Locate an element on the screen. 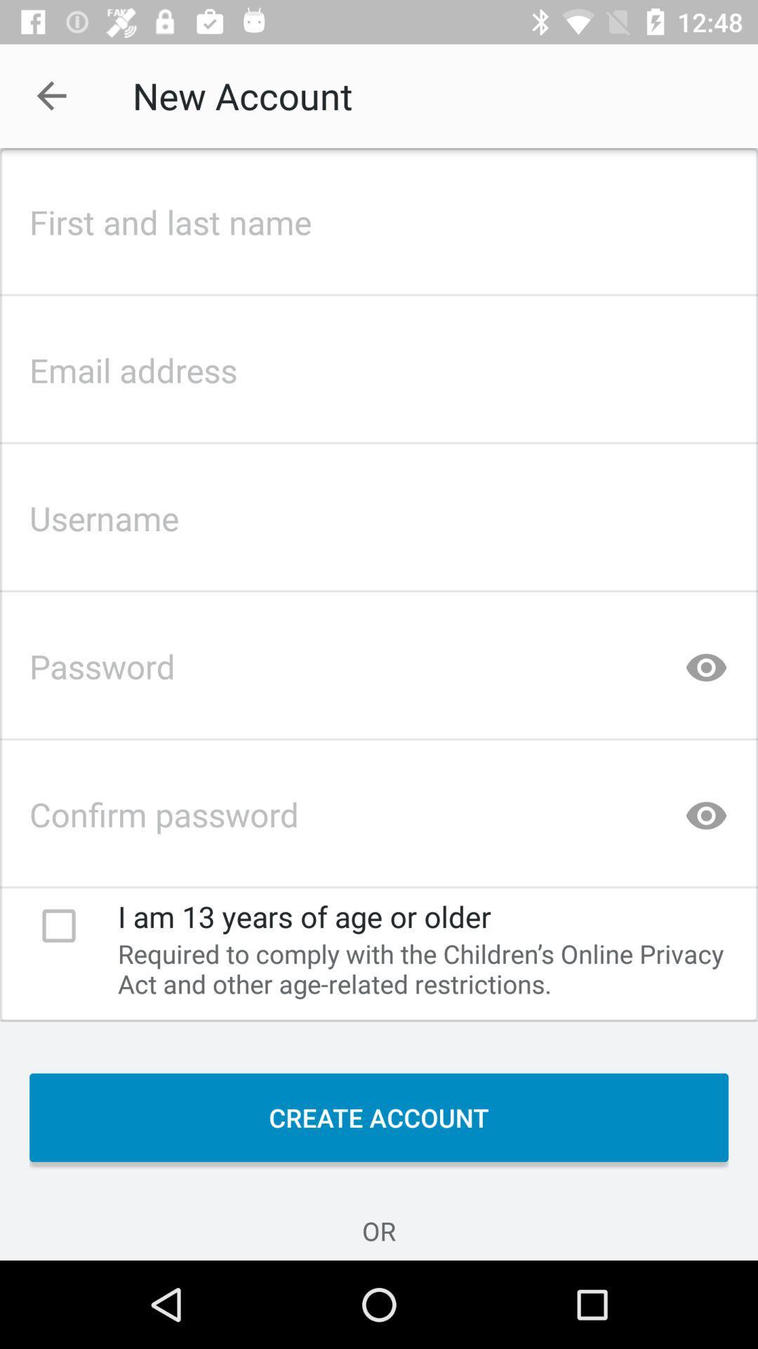  first and last name bar is located at coordinates (379, 217).